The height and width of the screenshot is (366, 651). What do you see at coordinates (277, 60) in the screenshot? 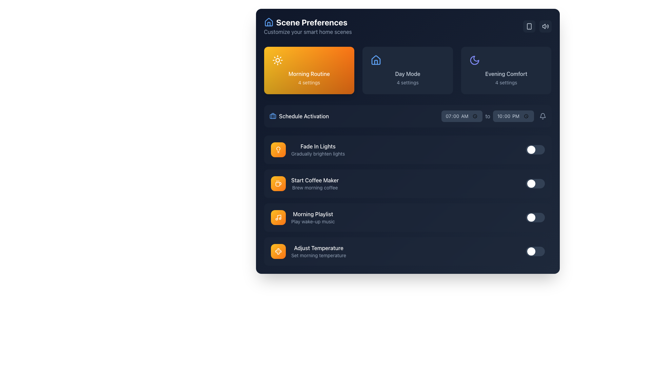
I see `the central part of the sun-like icon representing the 'Morning Routine' concept in the first card of the horizontal card display` at bounding box center [277, 60].